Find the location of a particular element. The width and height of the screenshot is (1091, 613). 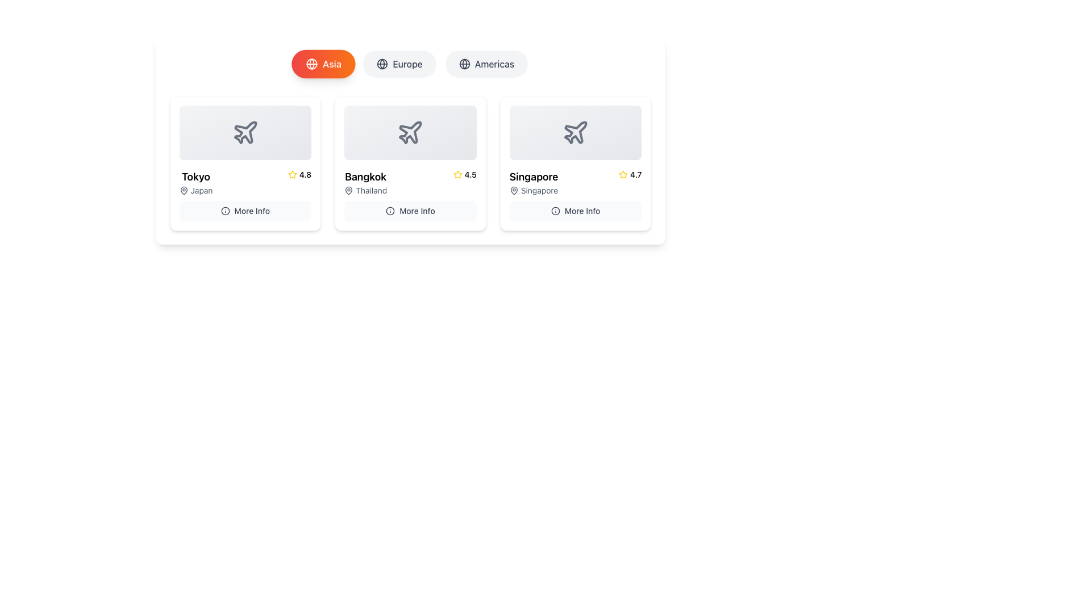

the SVG circle that represents the globe icon for the 'Asia' button in the navigation bar, which has an orange background and is marked with the text 'Asia' is located at coordinates (464, 64).